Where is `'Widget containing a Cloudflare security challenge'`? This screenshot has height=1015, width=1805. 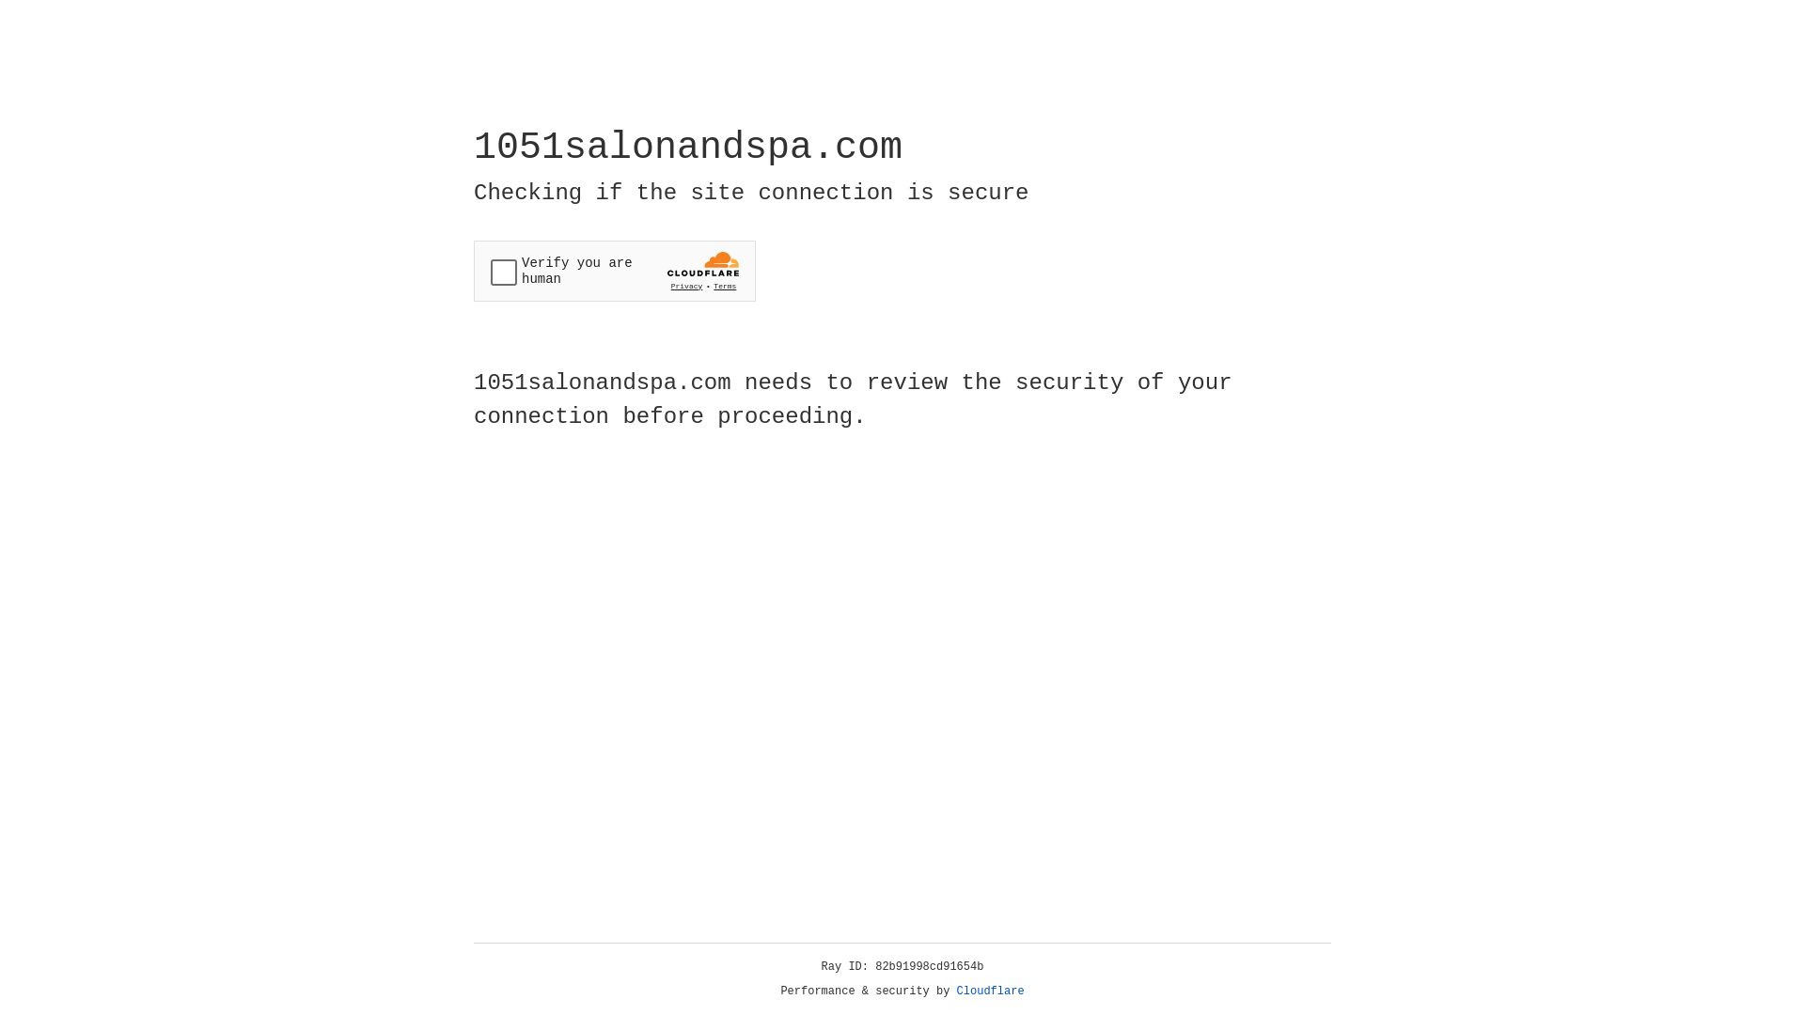 'Widget containing a Cloudflare security challenge' is located at coordinates (614, 271).